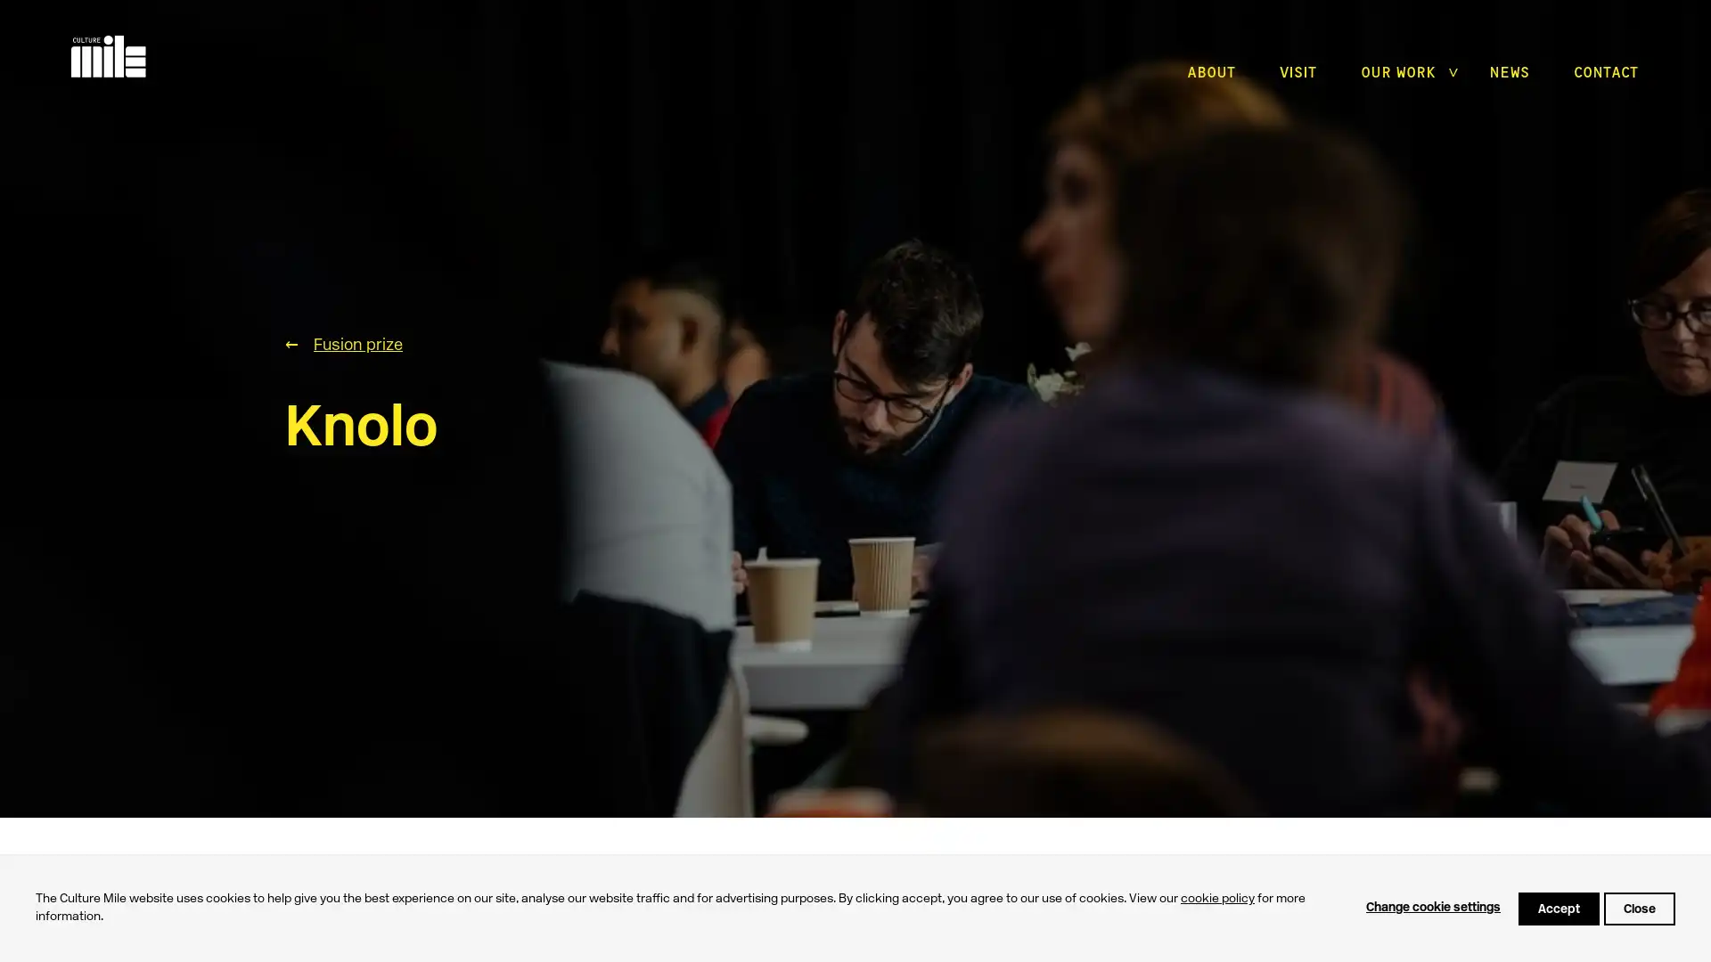 This screenshot has height=962, width=1711. I want to click on Accept, so click(1558, 908).